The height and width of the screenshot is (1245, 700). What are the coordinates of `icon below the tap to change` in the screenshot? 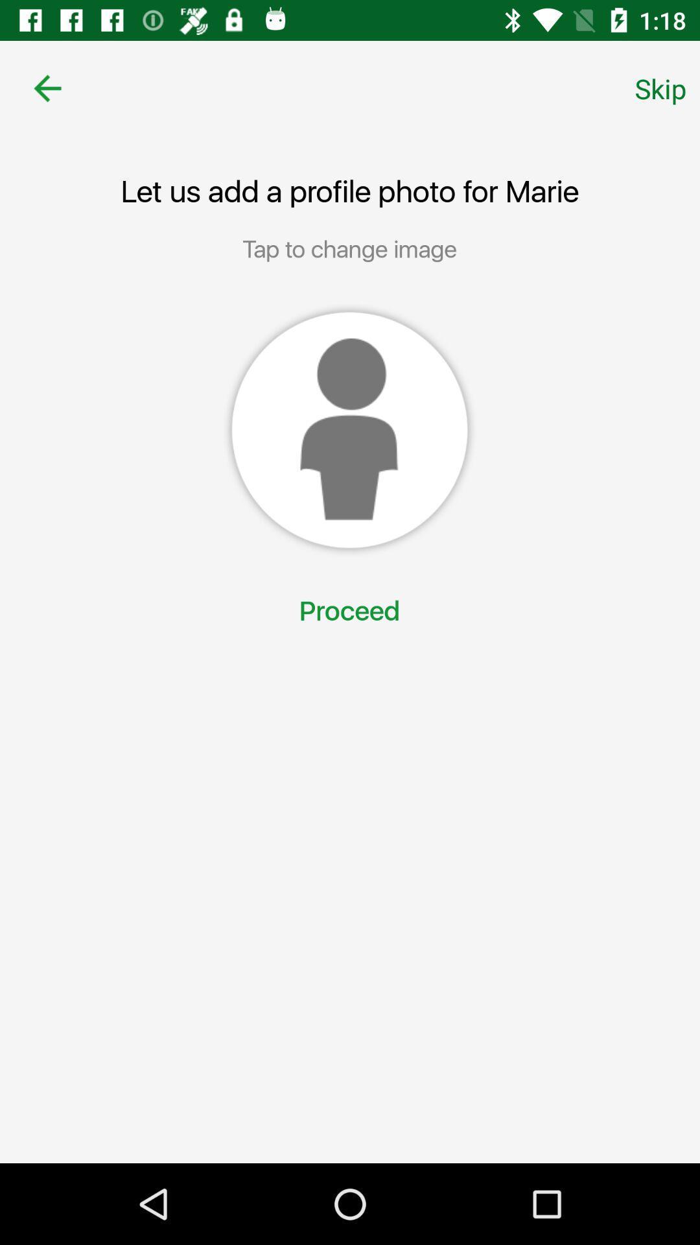 It's located at (349, 430).